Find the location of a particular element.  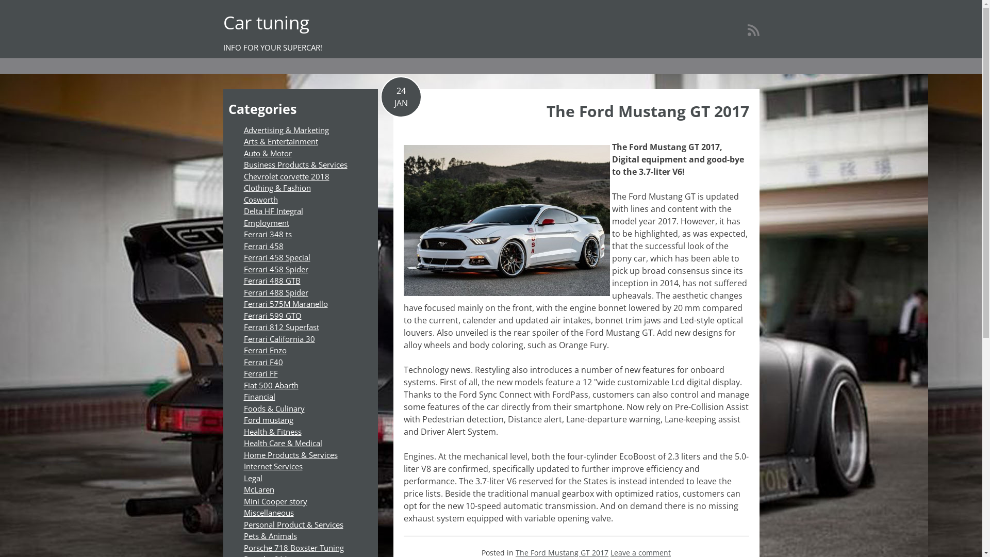

'Ferrari 575M Maranello' is located at coordinates (285, 303).